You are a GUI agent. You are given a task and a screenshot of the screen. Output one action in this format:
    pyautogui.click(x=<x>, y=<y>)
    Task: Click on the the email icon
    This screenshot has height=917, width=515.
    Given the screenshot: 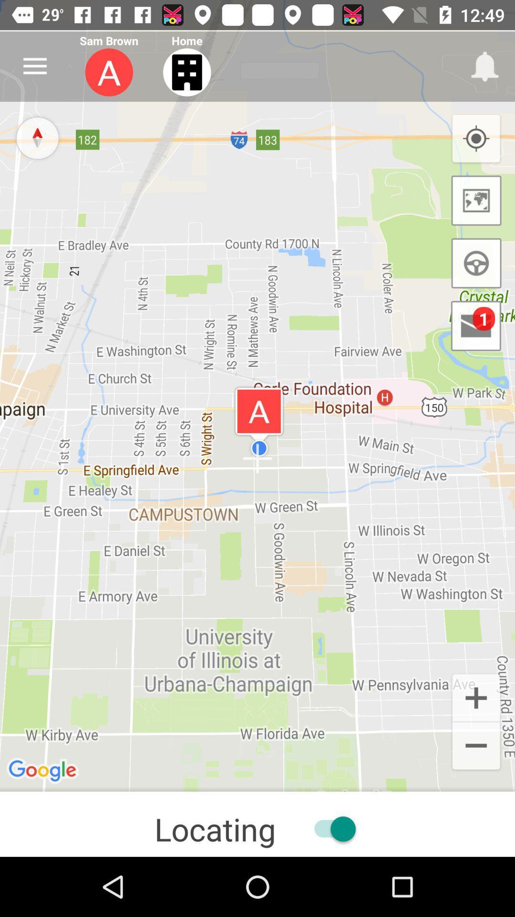 What is the action you would take?
    pyautogui.click(x=476, y=326)
    